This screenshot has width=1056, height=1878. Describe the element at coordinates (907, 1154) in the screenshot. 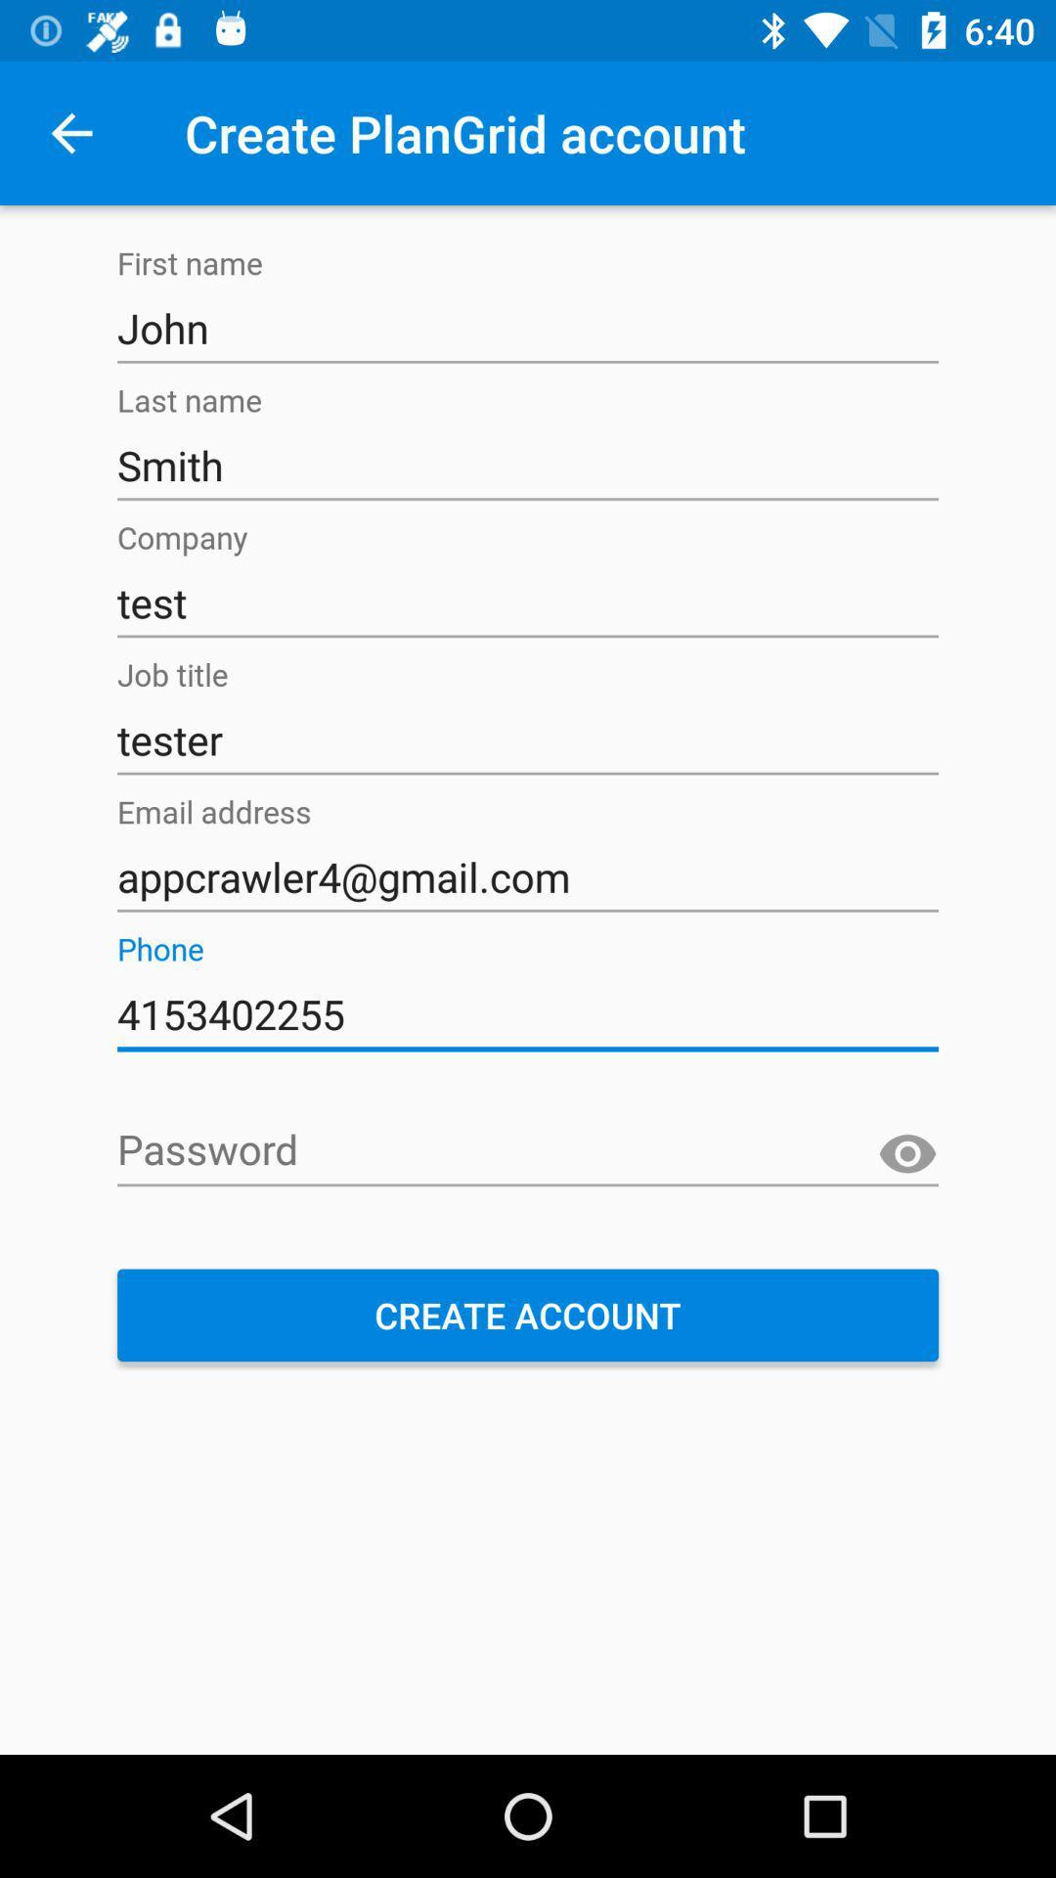

I see `the visibility icon` at that location.